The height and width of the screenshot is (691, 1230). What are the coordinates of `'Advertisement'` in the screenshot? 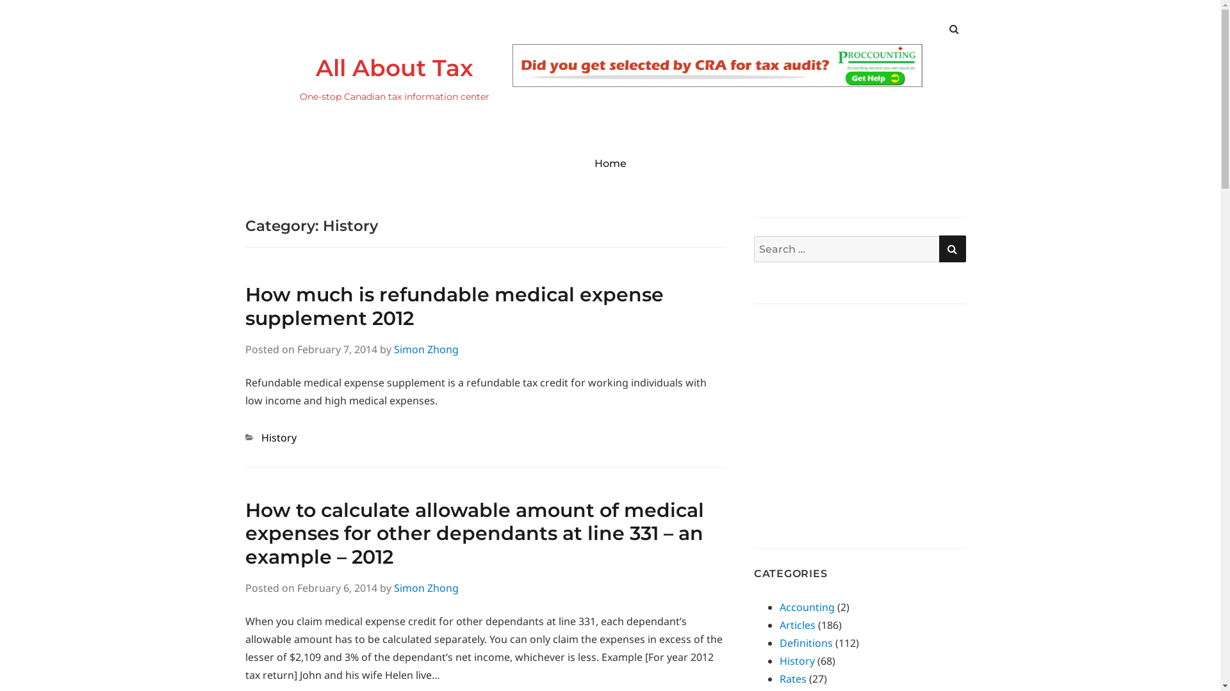 It's located at (861, 412).